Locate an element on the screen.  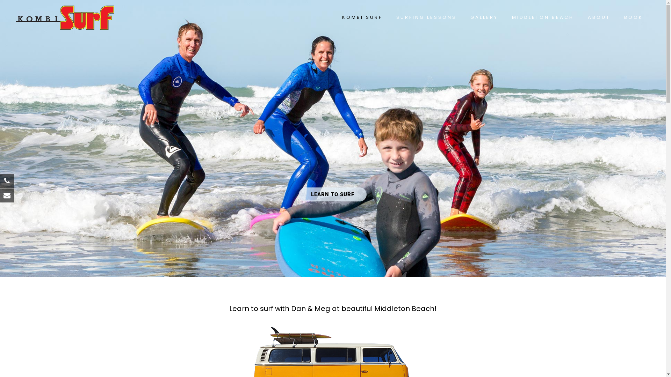
'ABOUT' is located at coordinates (580, 17).